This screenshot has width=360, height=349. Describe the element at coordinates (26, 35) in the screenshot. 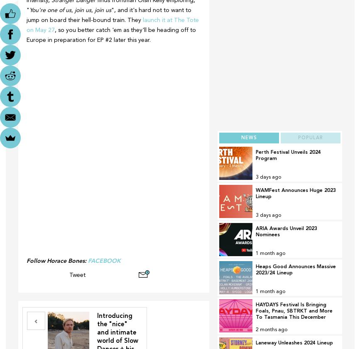

I see `', so you better catch 'em as they'll be heading off to Europe in preparation for EP #2 later this year.'` at that location.